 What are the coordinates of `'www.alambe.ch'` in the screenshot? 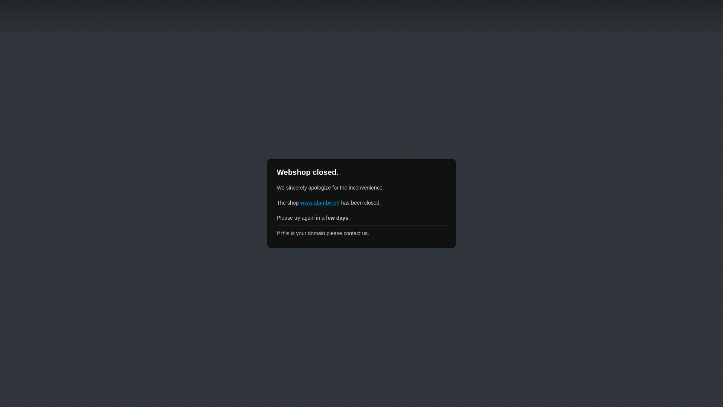 It's located at (299, 202).